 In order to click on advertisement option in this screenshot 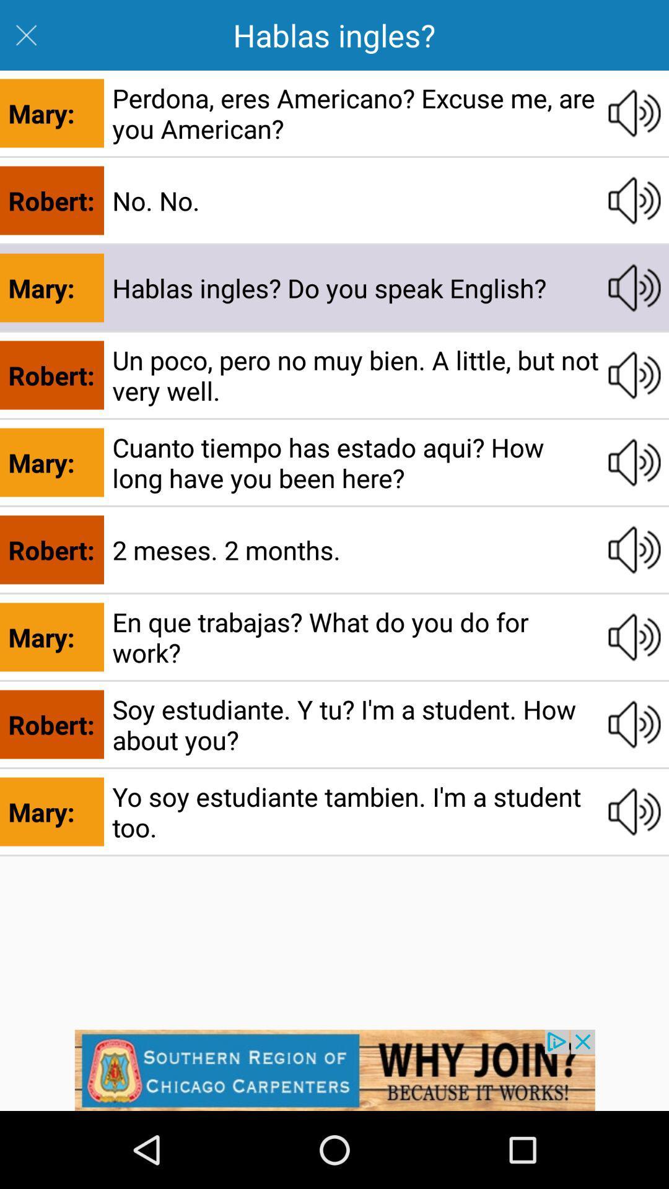, I will do `click(334, 1069)`.